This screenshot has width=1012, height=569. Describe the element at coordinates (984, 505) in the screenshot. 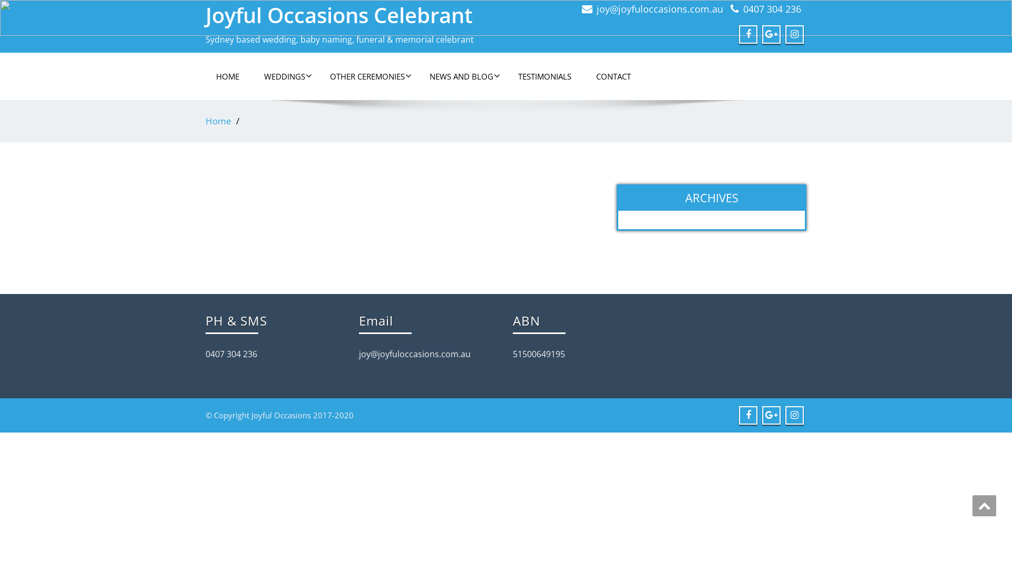

I see `'Go Top'` at that location.